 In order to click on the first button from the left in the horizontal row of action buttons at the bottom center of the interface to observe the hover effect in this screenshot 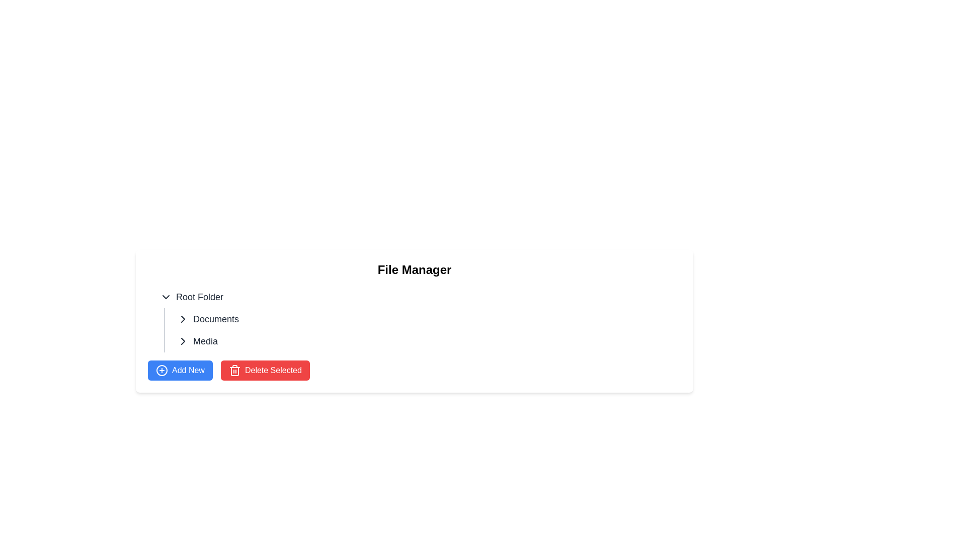, I will do `click(180, 370)`.